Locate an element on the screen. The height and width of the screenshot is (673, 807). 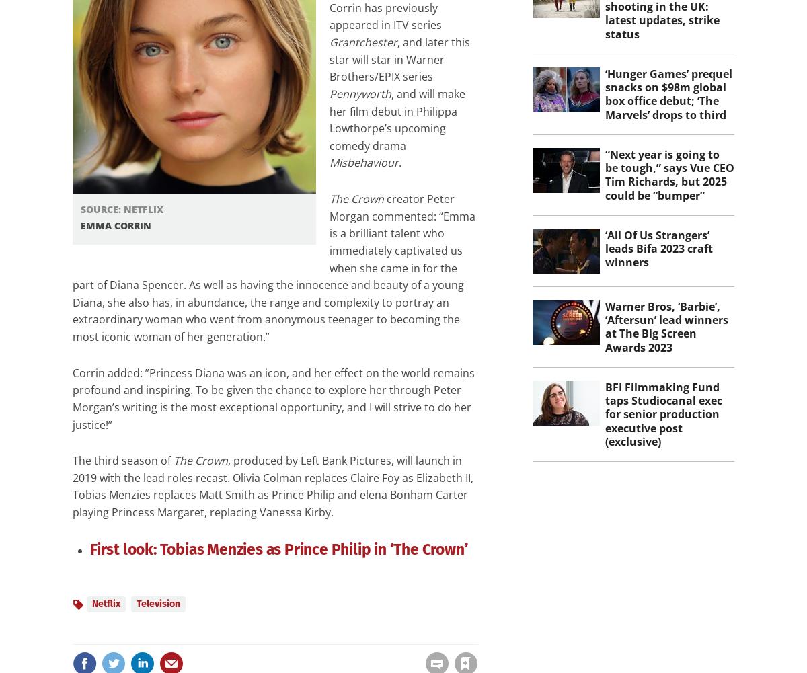
'creator Peter Morgan commented: “Emma is a brilliant talent who immediately captivated us when she came in for the part of Diana Spencer. As well as having the innocence and beauty of a young Diana, she also has, in abundance, the range and complexity to portray an extraordinary woman who went from anonymous teenager to becoming the most iconic woman of her generation.”' is located at coordinates (274, 267).